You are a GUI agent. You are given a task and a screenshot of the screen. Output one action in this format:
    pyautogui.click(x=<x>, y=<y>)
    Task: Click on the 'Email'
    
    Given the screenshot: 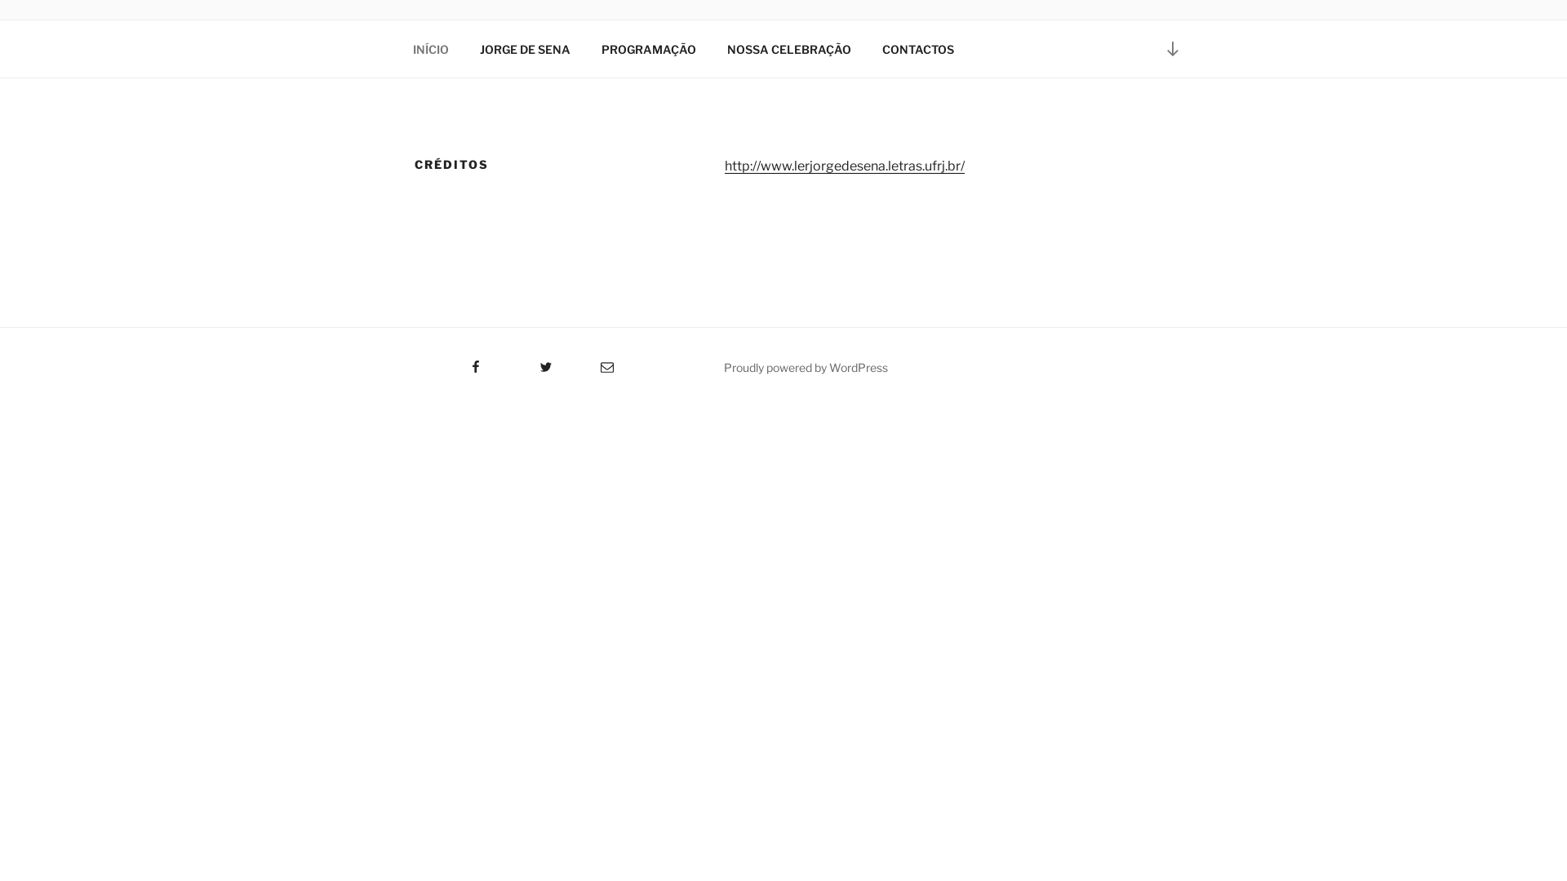 What is the action you would take?
    pyautogui.click(x=568, y=361)
    